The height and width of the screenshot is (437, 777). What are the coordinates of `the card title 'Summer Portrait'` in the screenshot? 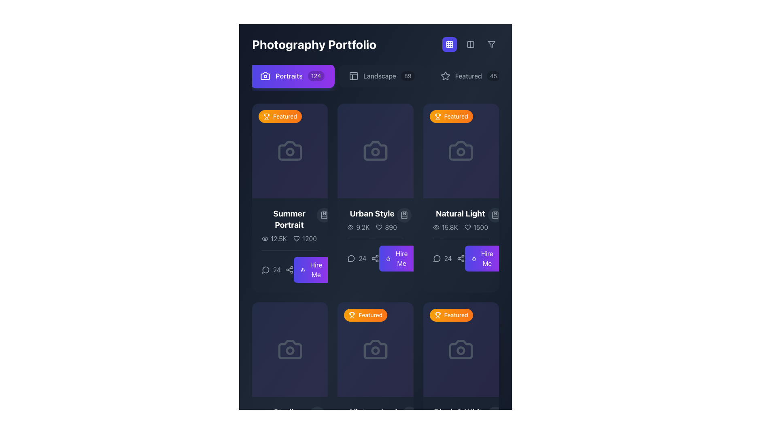 It's located at (290, 198).